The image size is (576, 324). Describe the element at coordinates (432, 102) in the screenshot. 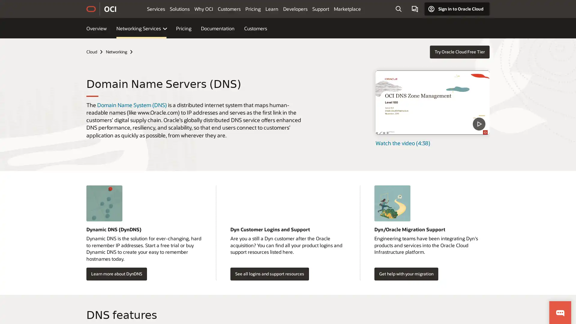

I see `DNS Zone Management - Level 100 - Part 1 - What is DNS video` at that location.